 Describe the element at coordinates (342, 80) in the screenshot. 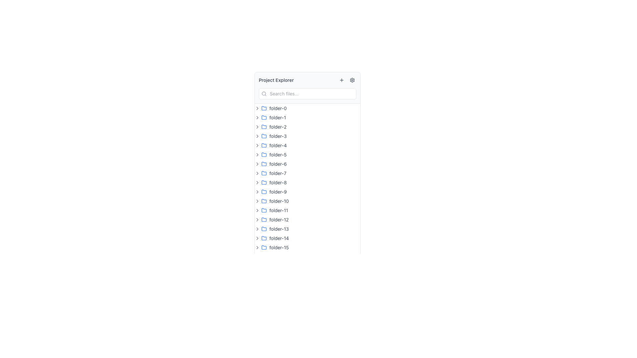

I see `the add item button located at the top-right of the 'Project Explorer' panel for keyboard navigation` at that location.